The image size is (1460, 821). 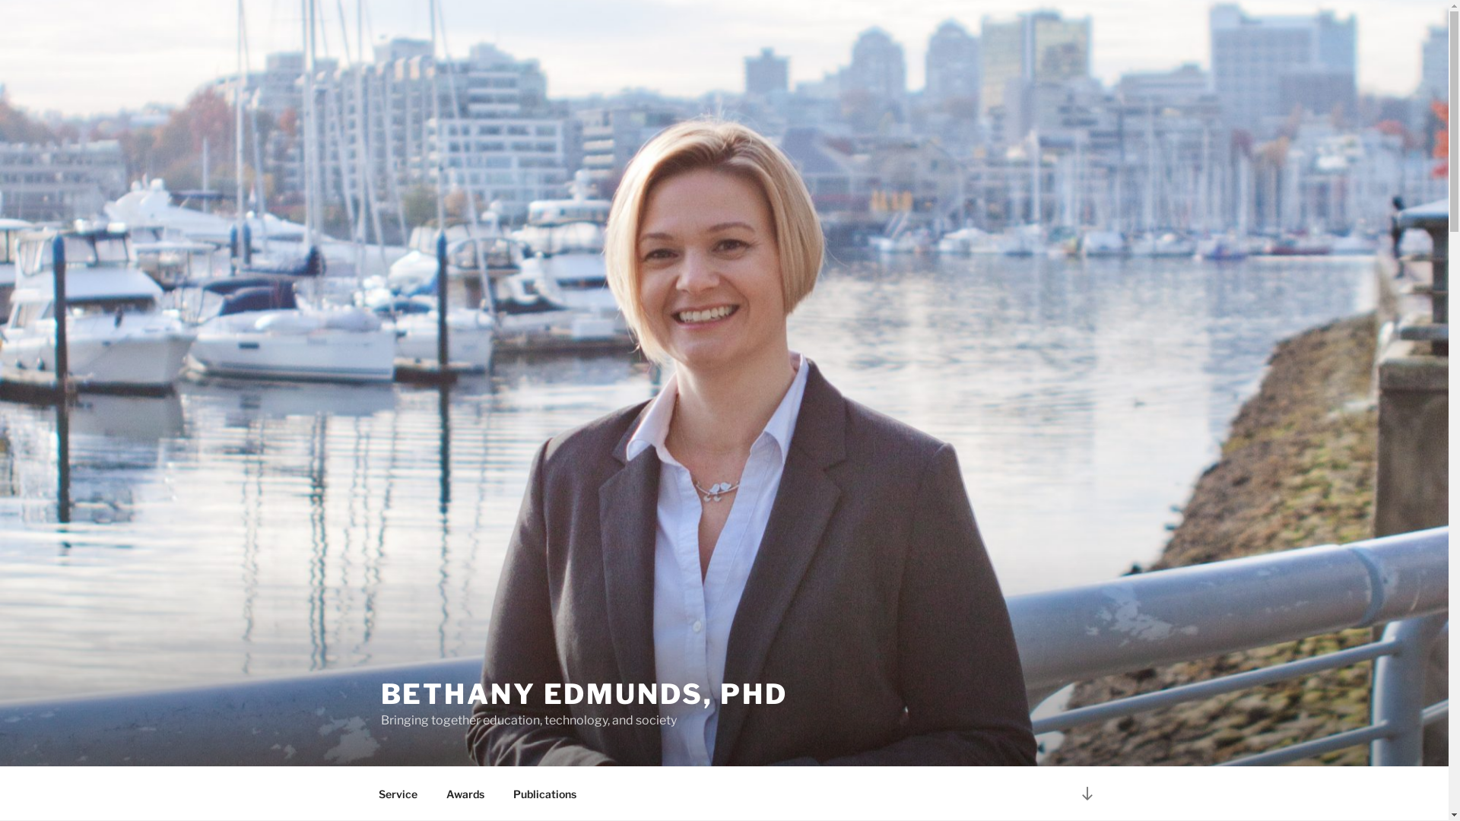 I want to click on 'Service', so click(x=398, y=793).